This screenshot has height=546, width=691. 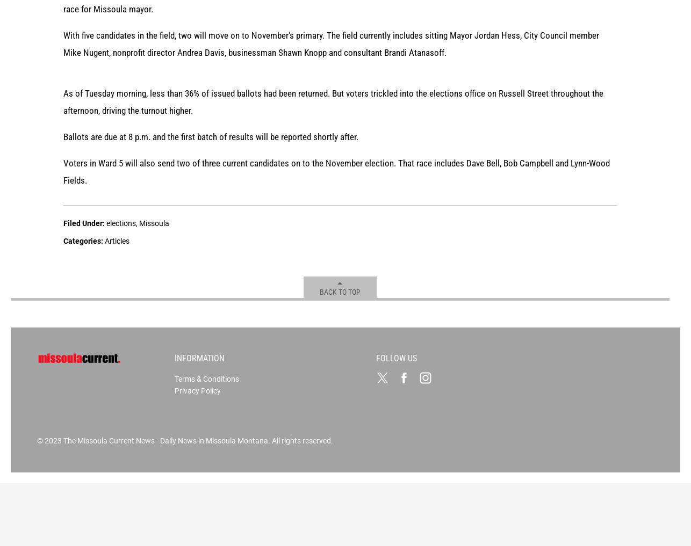 What do you see at coordinates (210, 296) in the screenshot?
I see `'Ballots are due at 8 p.m. and the first batch of results will be reported shortly after.'` at bounding box center [210, 296].